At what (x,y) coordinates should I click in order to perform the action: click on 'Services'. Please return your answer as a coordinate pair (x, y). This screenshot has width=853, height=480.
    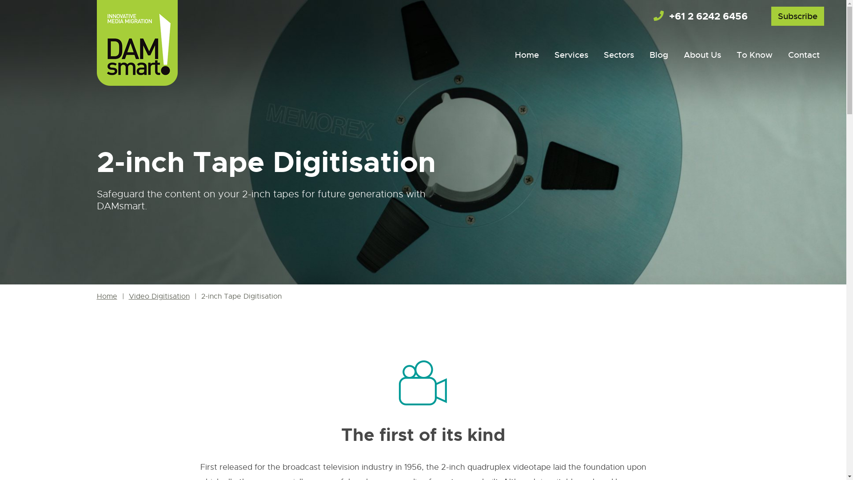
    Looking at the image, I should click on (571, 56).